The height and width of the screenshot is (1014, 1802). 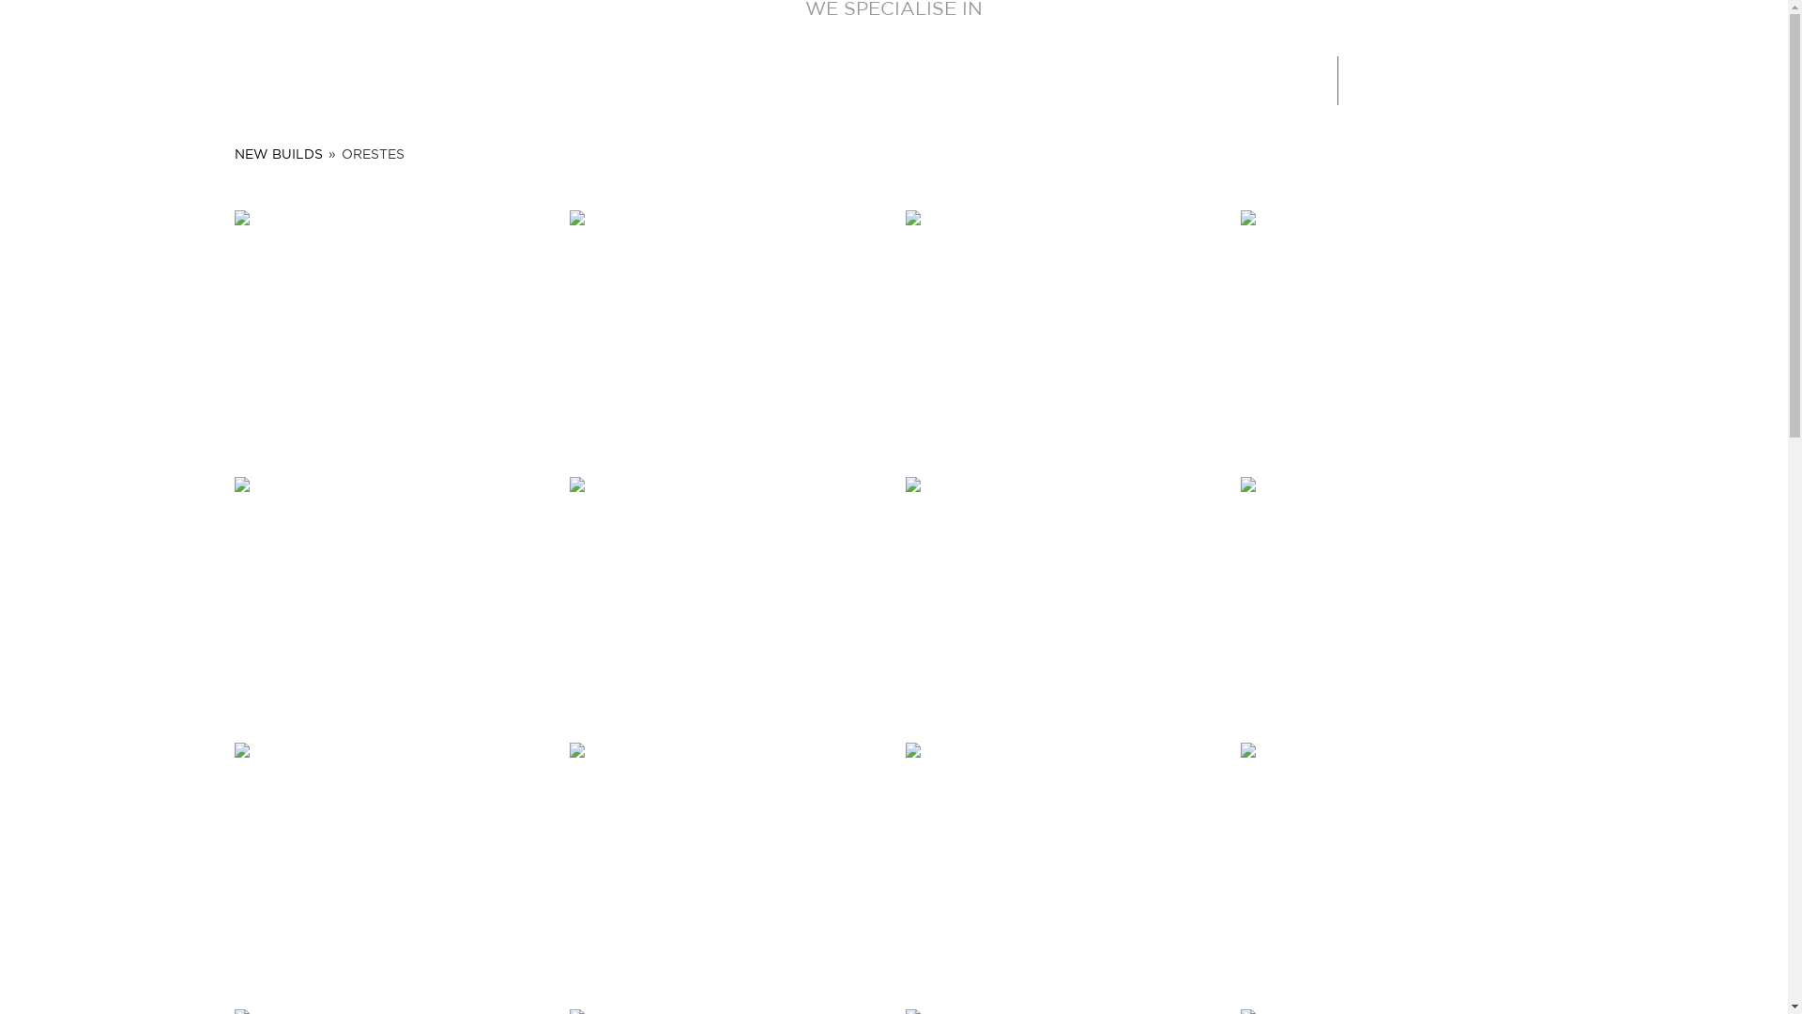 I want to click on 'Orestes', so click(x=390, y=598).